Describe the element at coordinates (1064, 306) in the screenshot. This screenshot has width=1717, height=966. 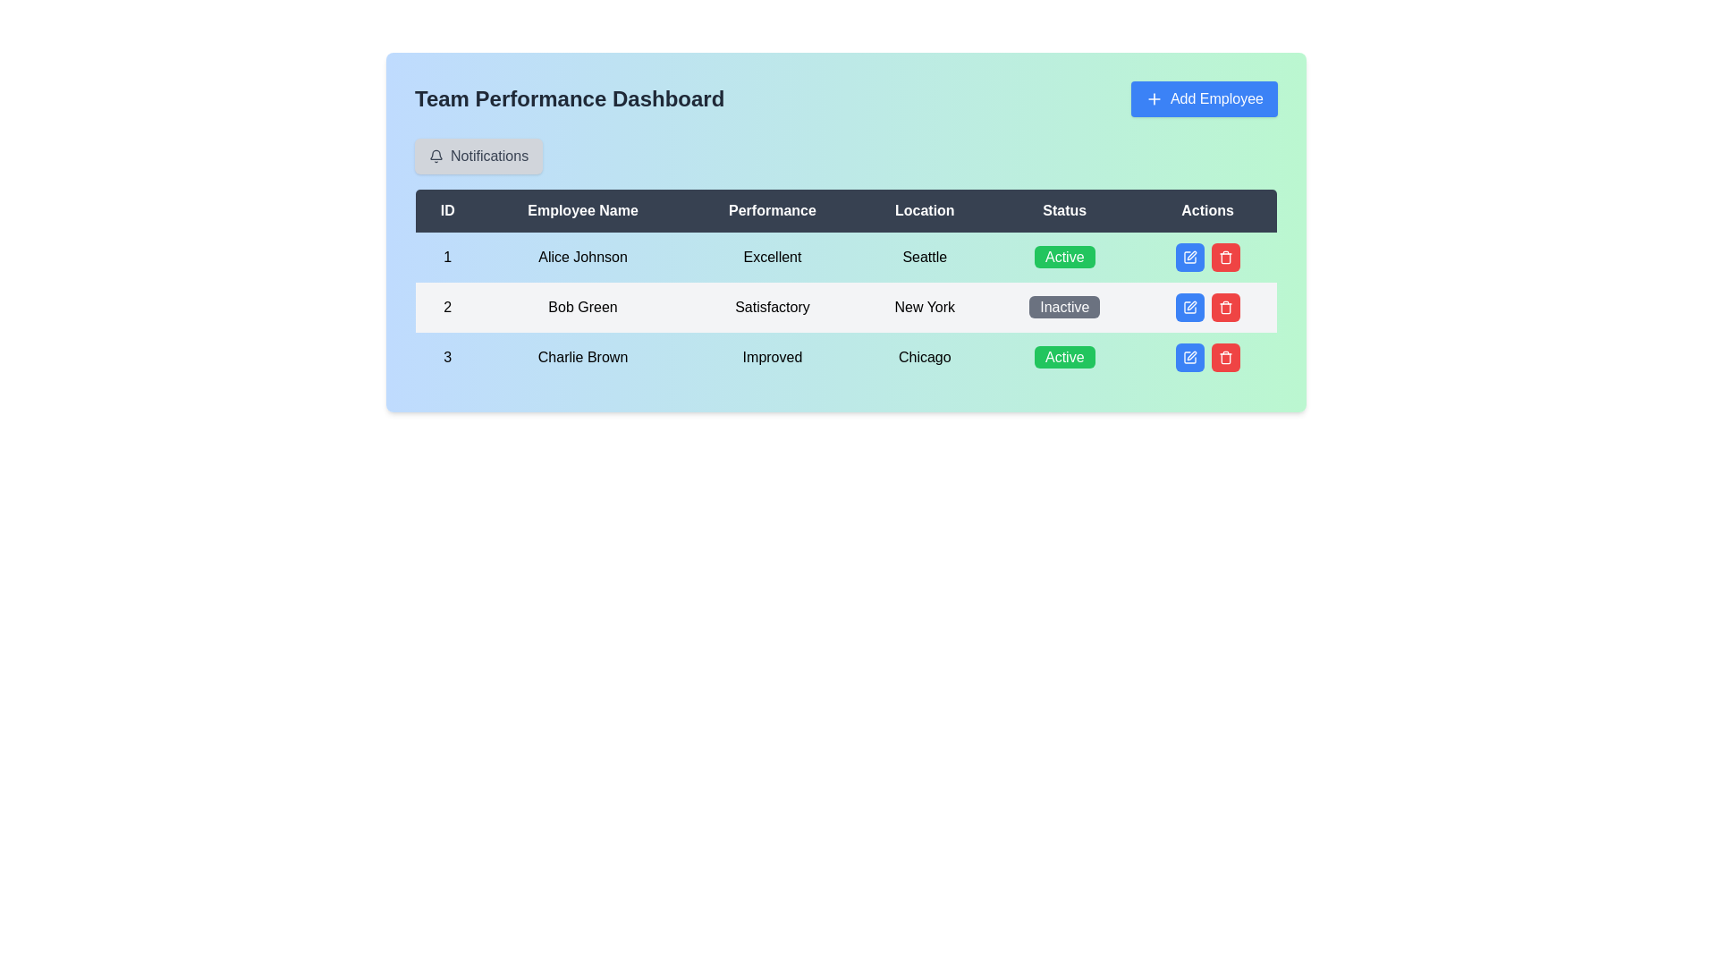
I see `the rectangular button with rounded corners that has a gray background and white text reading 'Inactive' in the 'Status' column of the data table` at that location.